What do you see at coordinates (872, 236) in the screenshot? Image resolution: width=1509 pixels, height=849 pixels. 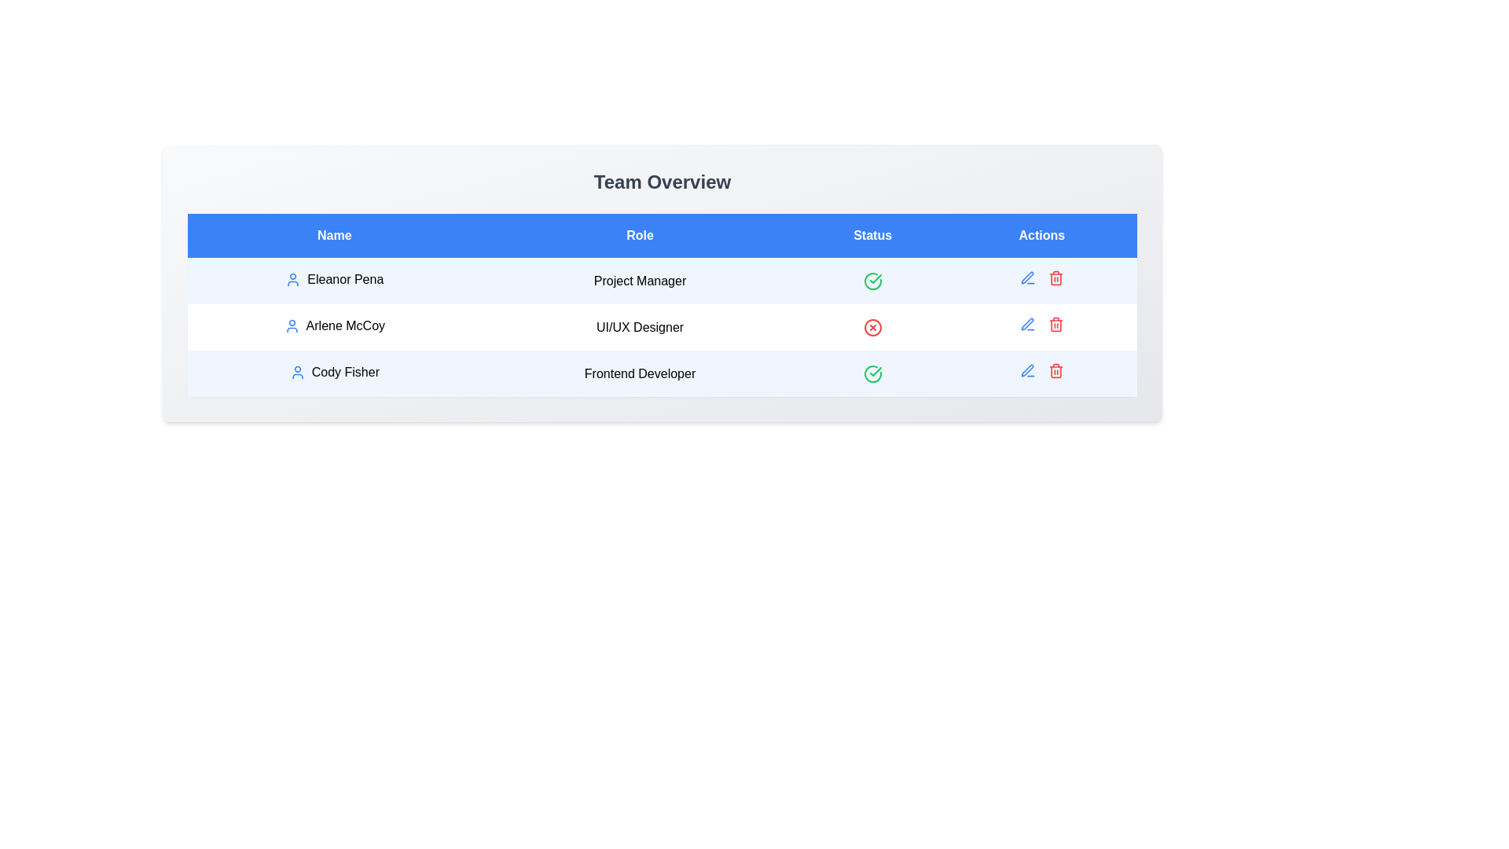 I see `the 'Status' text label, which is a blue cell with white bold text, located near the center-right of the page` at bounding box center [872, 236].